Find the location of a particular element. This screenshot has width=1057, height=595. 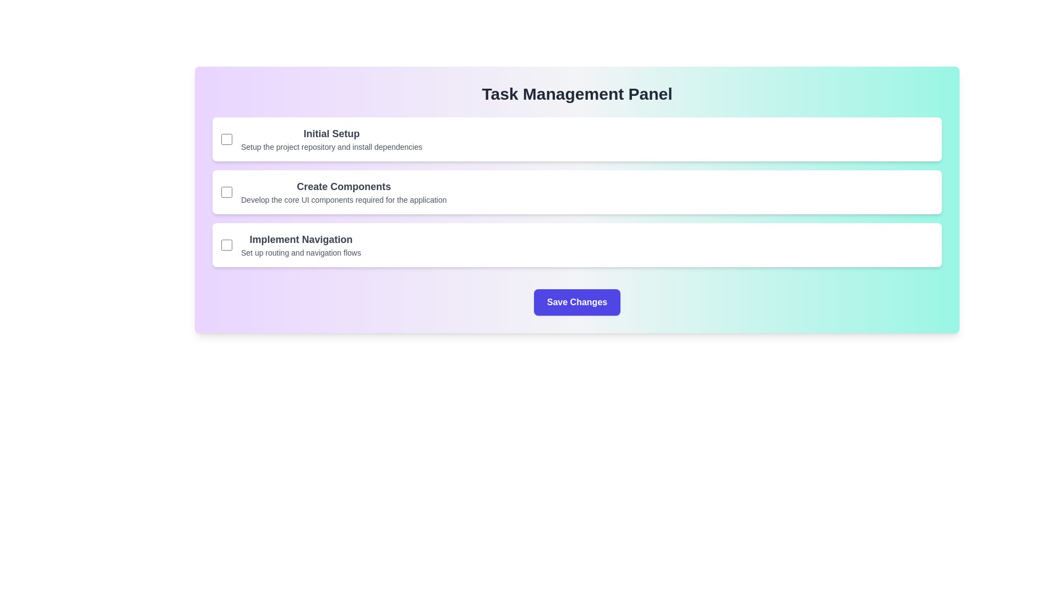

the static text description that reads 'Develop the core UI components required for the application', located beneath the title 'Create Components' is located at coordinates (343, 199).